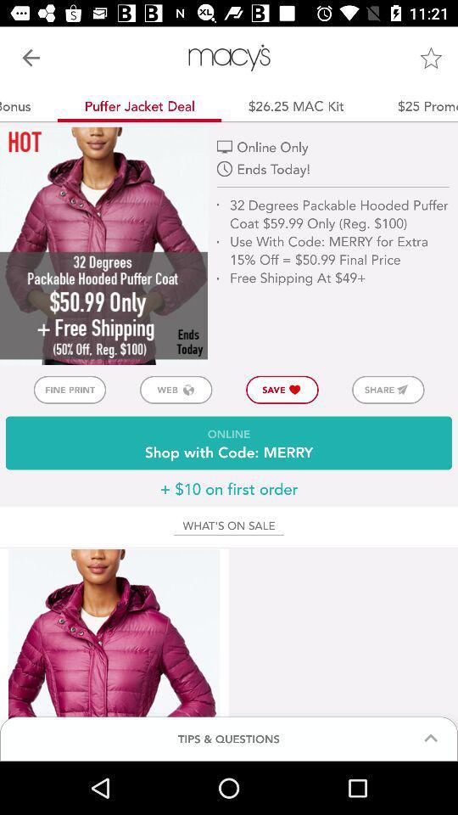 The height and width of the screenshot is (815, 458). Describe the element at coordinates (69, 390) in the screenshot. I see `item to the left of the web item` at that location.